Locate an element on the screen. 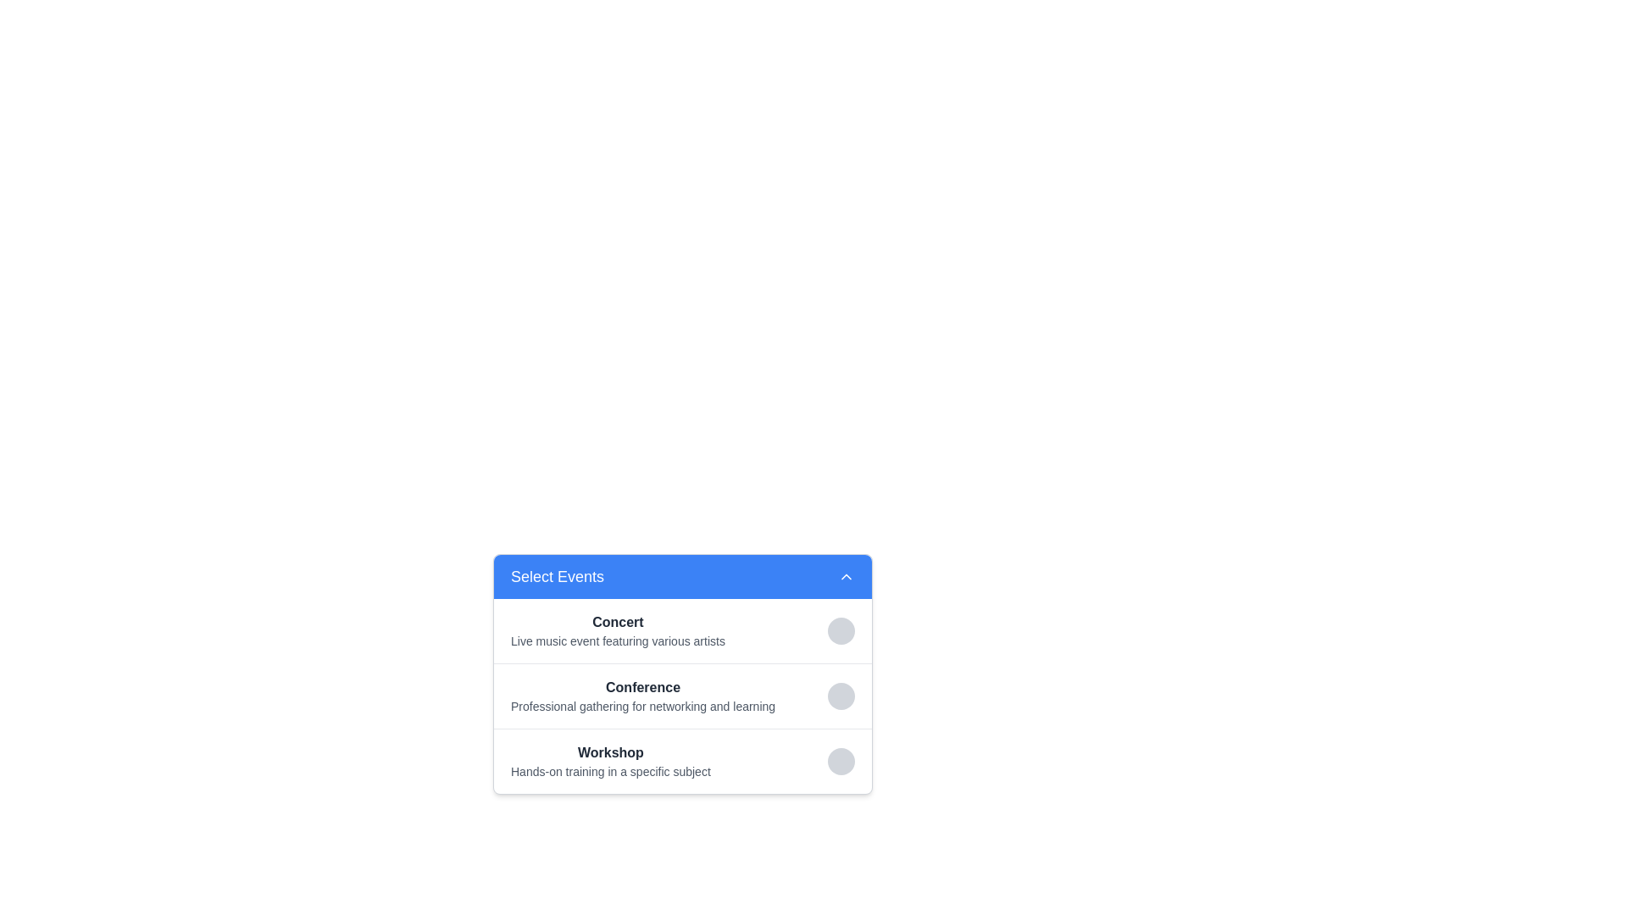  the text label displaying 'Conference' is located at coordinates (641, 688).